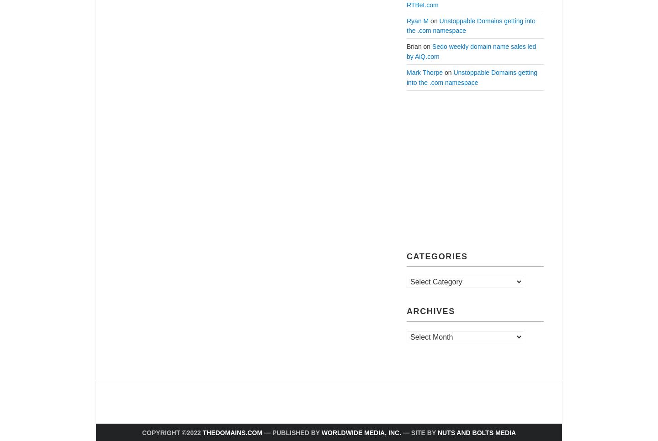 The height and width of the screenshot is (441, 658). Describe the element at coordinates (437, 255) in the screenshot. I see `'Categories'` at that location.